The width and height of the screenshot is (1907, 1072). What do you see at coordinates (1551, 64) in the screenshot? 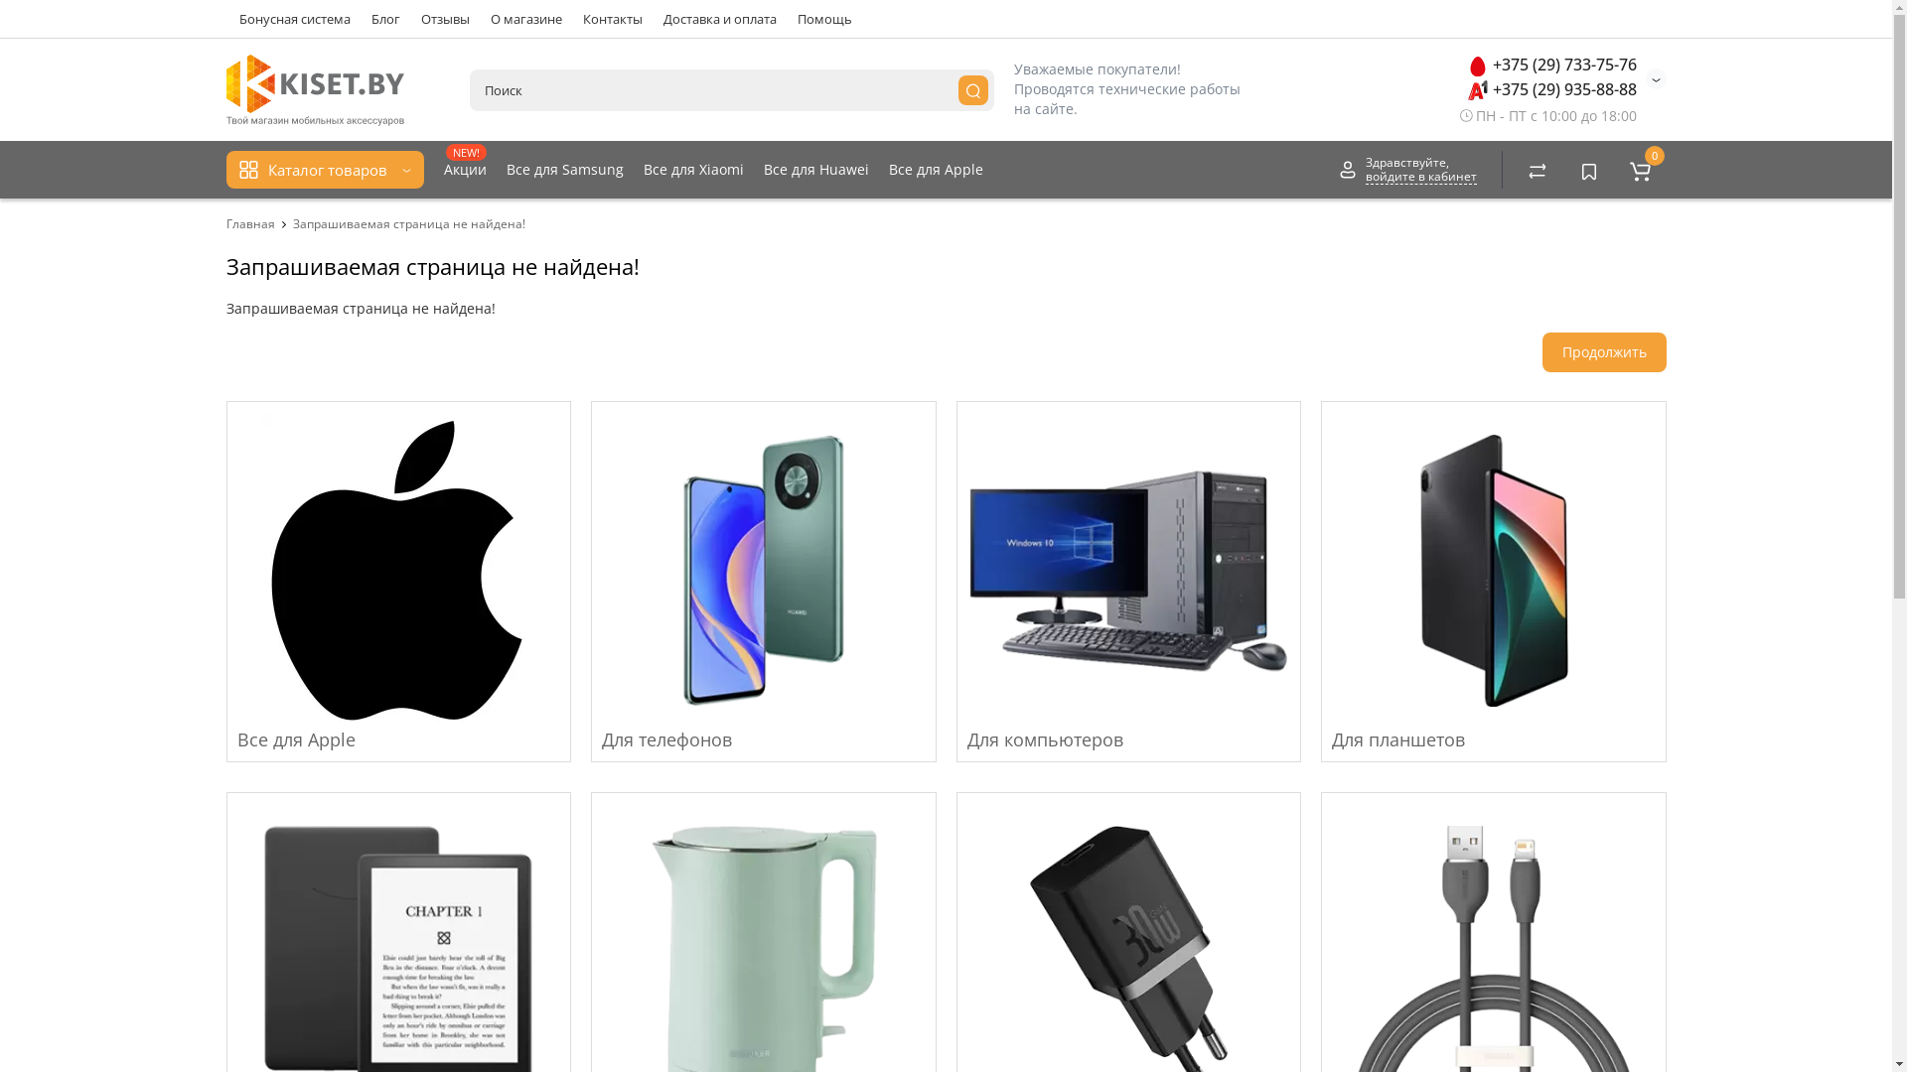
I see `'+375 (29) 733-75-76'` at bounding box center [1551, 64].